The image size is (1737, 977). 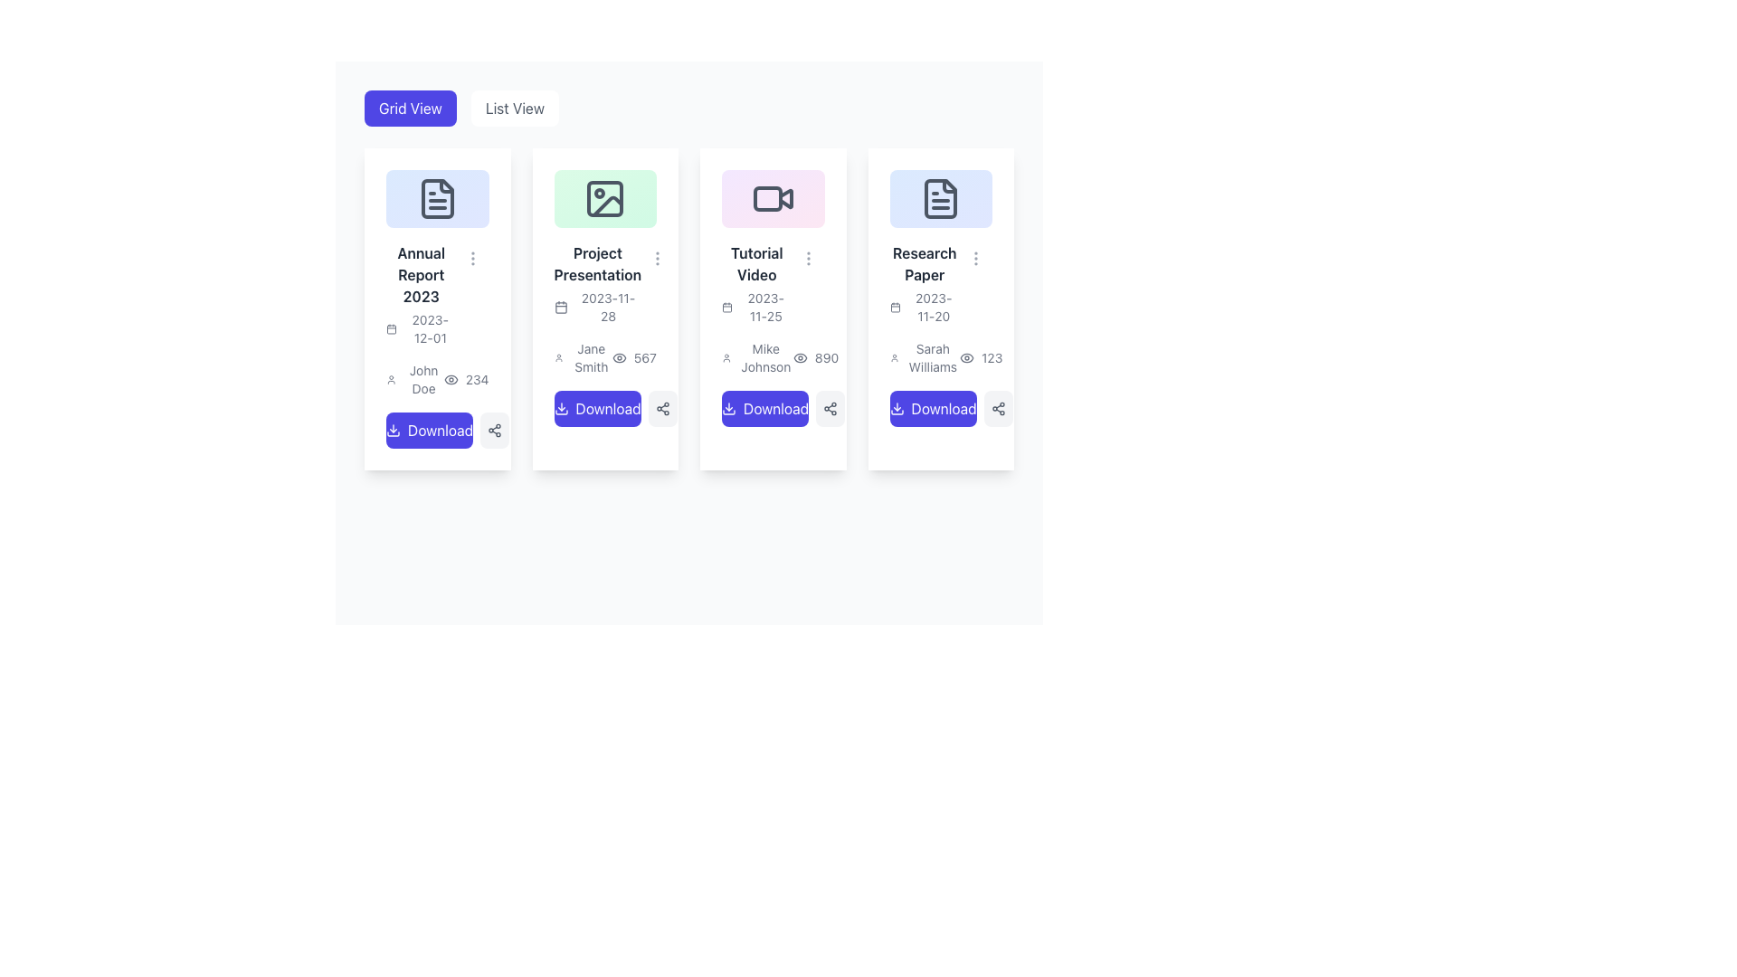 I want to click on the menu trigger button located in the top-right region of the 'Tutorial Video' card, next to the card title, so click(x=807, y=258).